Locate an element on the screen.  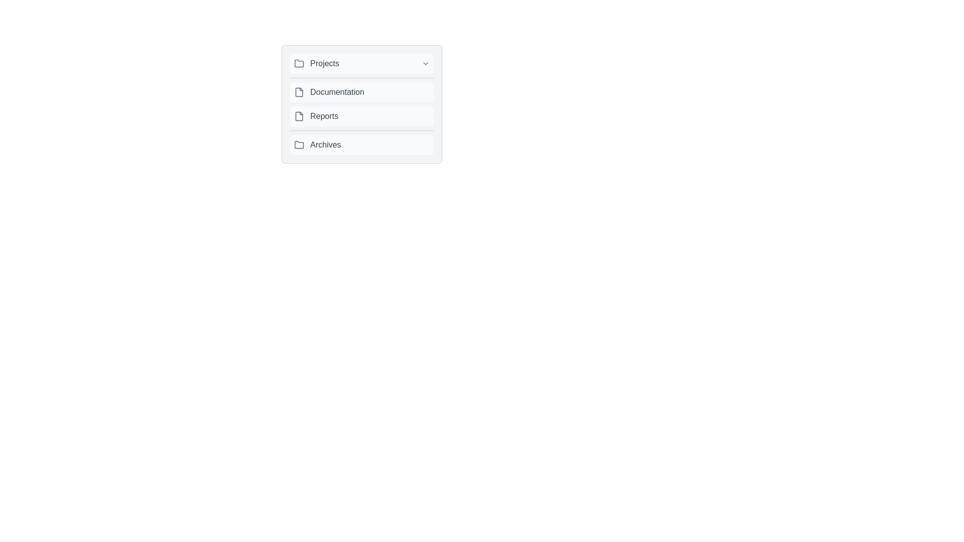
the fourth separator line that visually distinguishes between the 'Reports' and 'Archives' items in the list is located at coordinates (361, 130).